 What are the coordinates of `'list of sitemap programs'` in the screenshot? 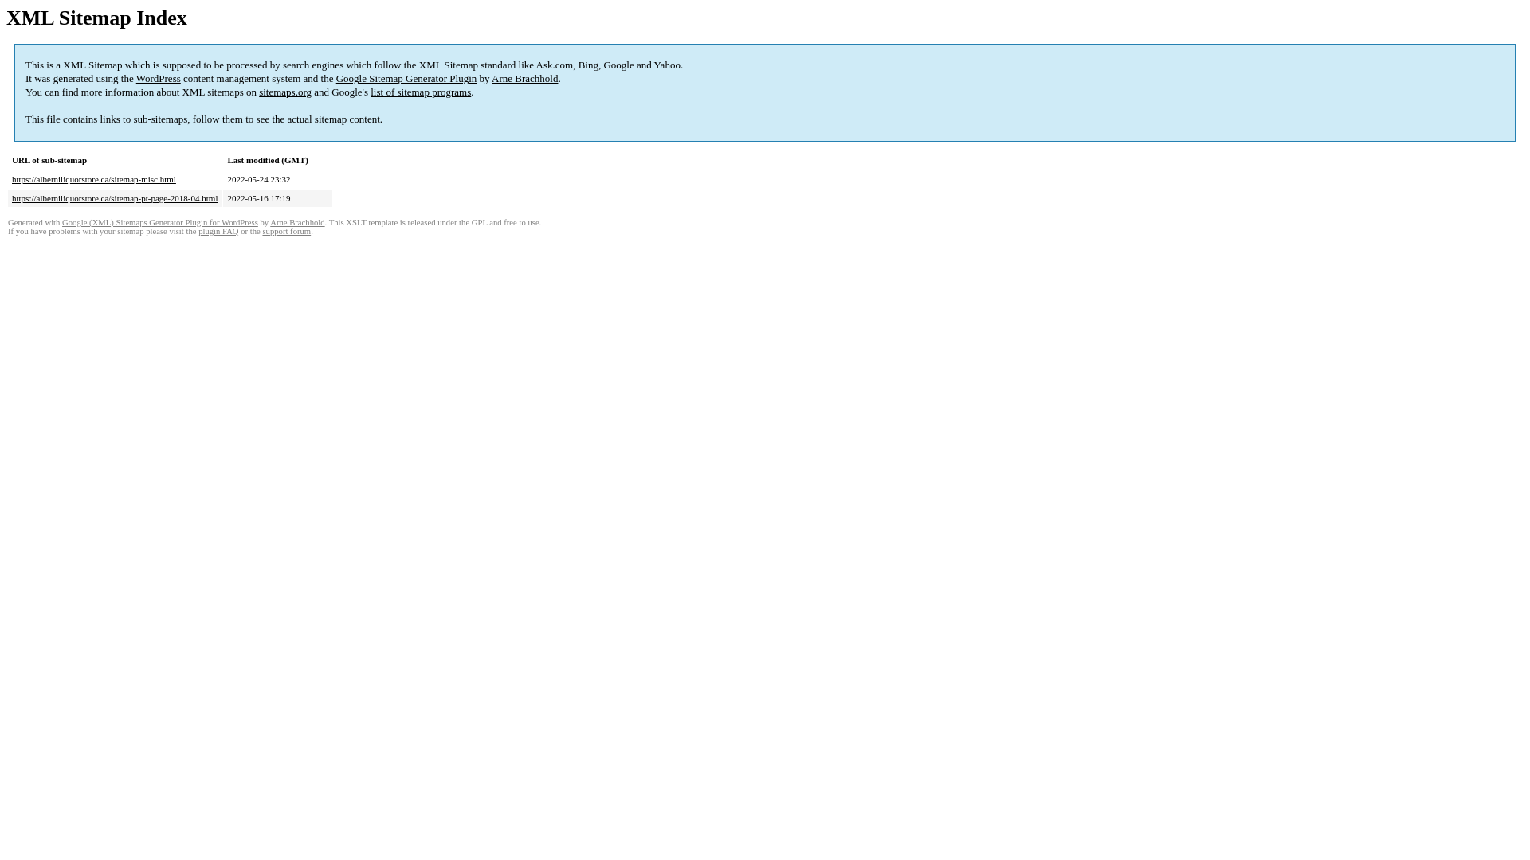 It's located at (421, 92).